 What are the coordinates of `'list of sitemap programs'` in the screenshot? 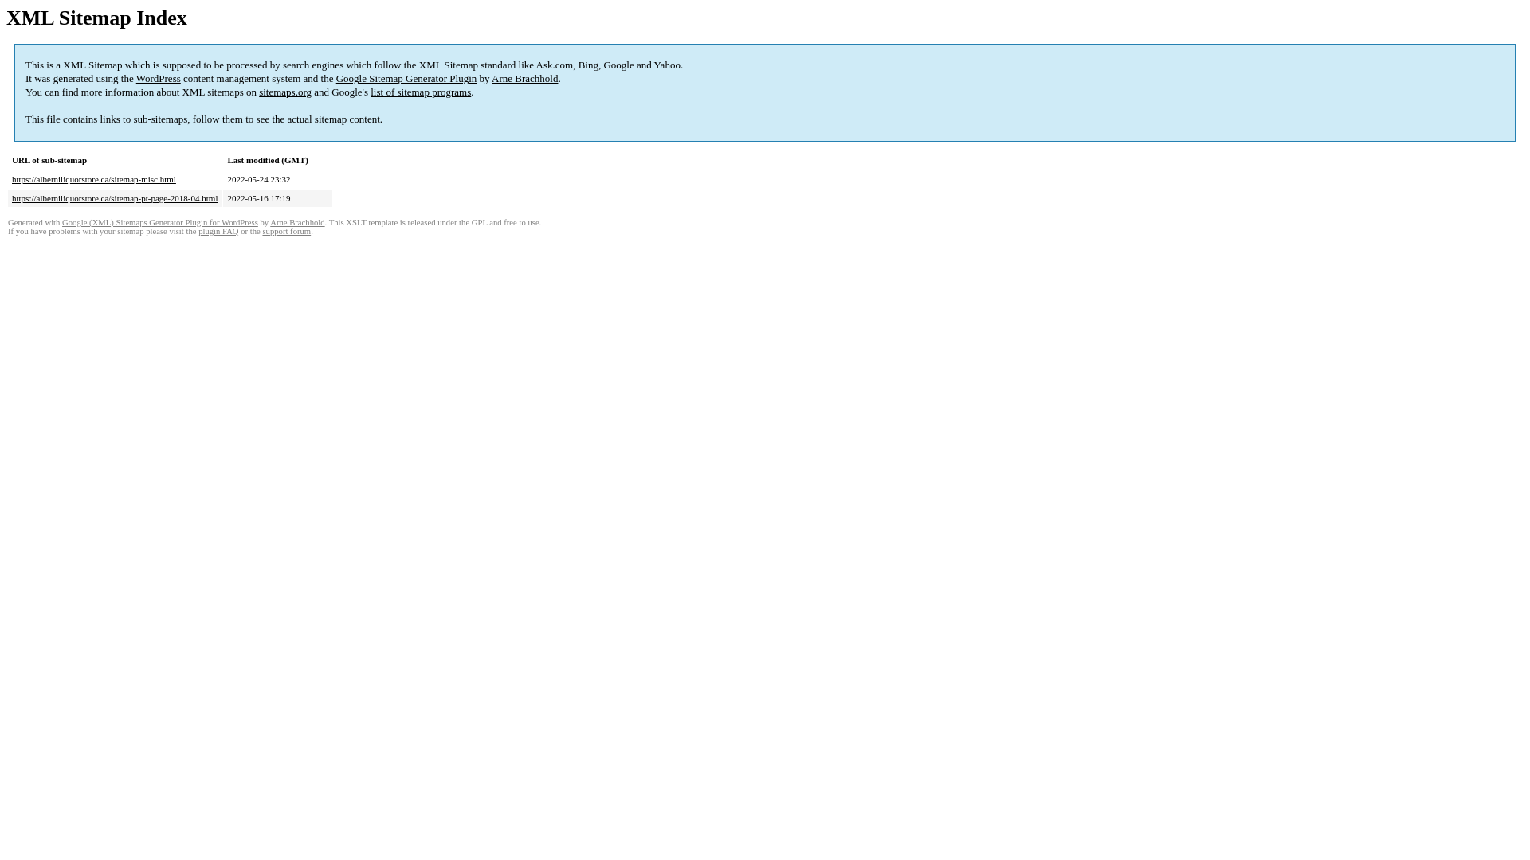 It's located at (421, 92).